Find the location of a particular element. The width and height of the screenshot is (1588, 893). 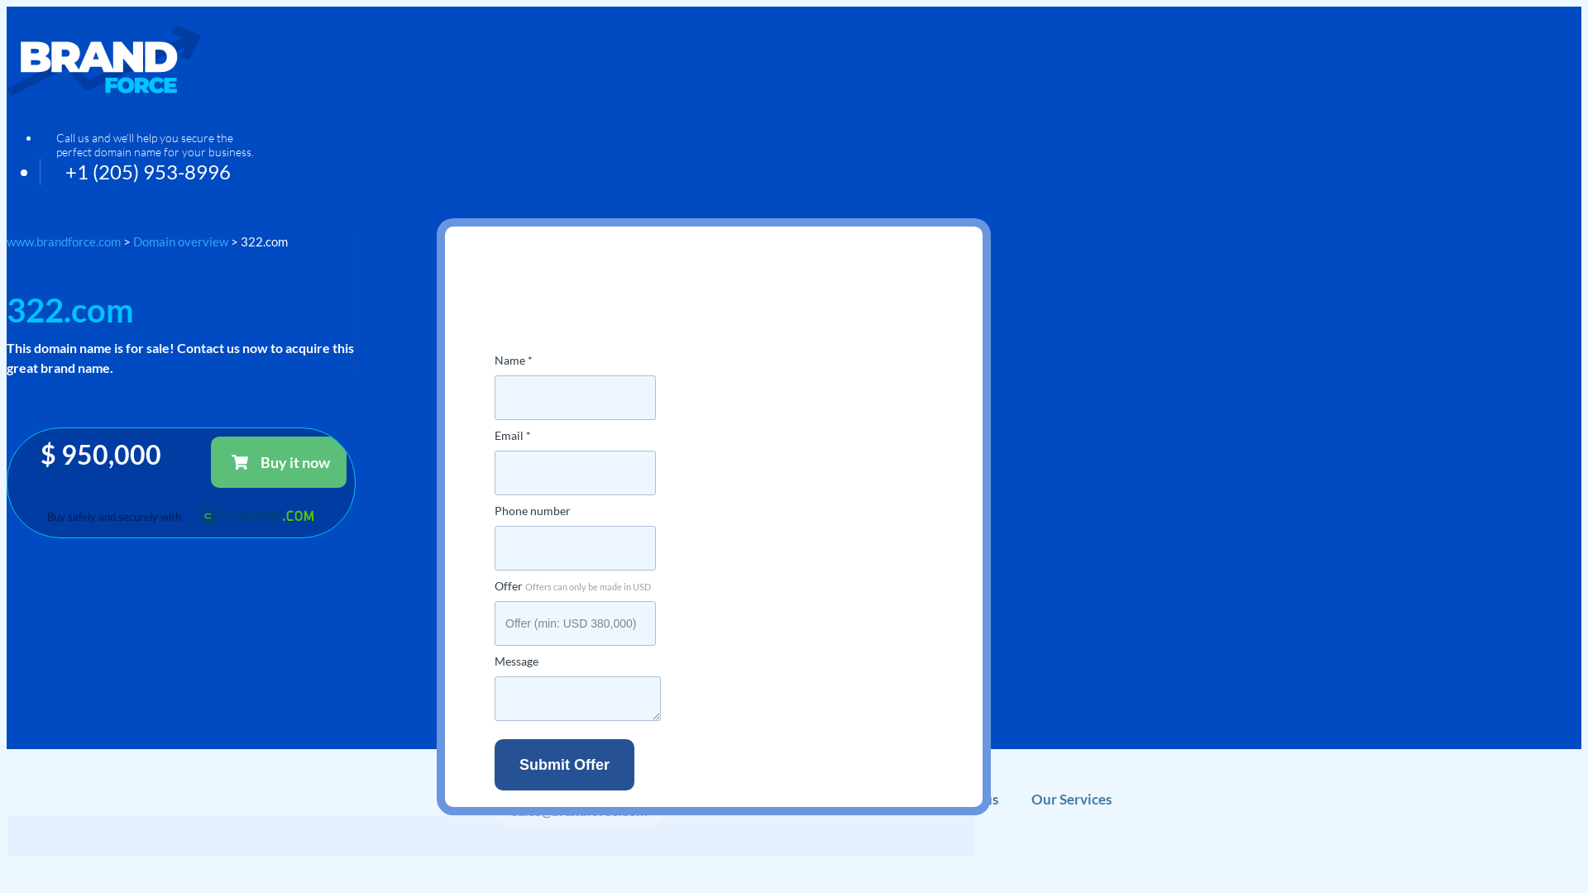

'Submit offer' is located at coordinates (564, 765).